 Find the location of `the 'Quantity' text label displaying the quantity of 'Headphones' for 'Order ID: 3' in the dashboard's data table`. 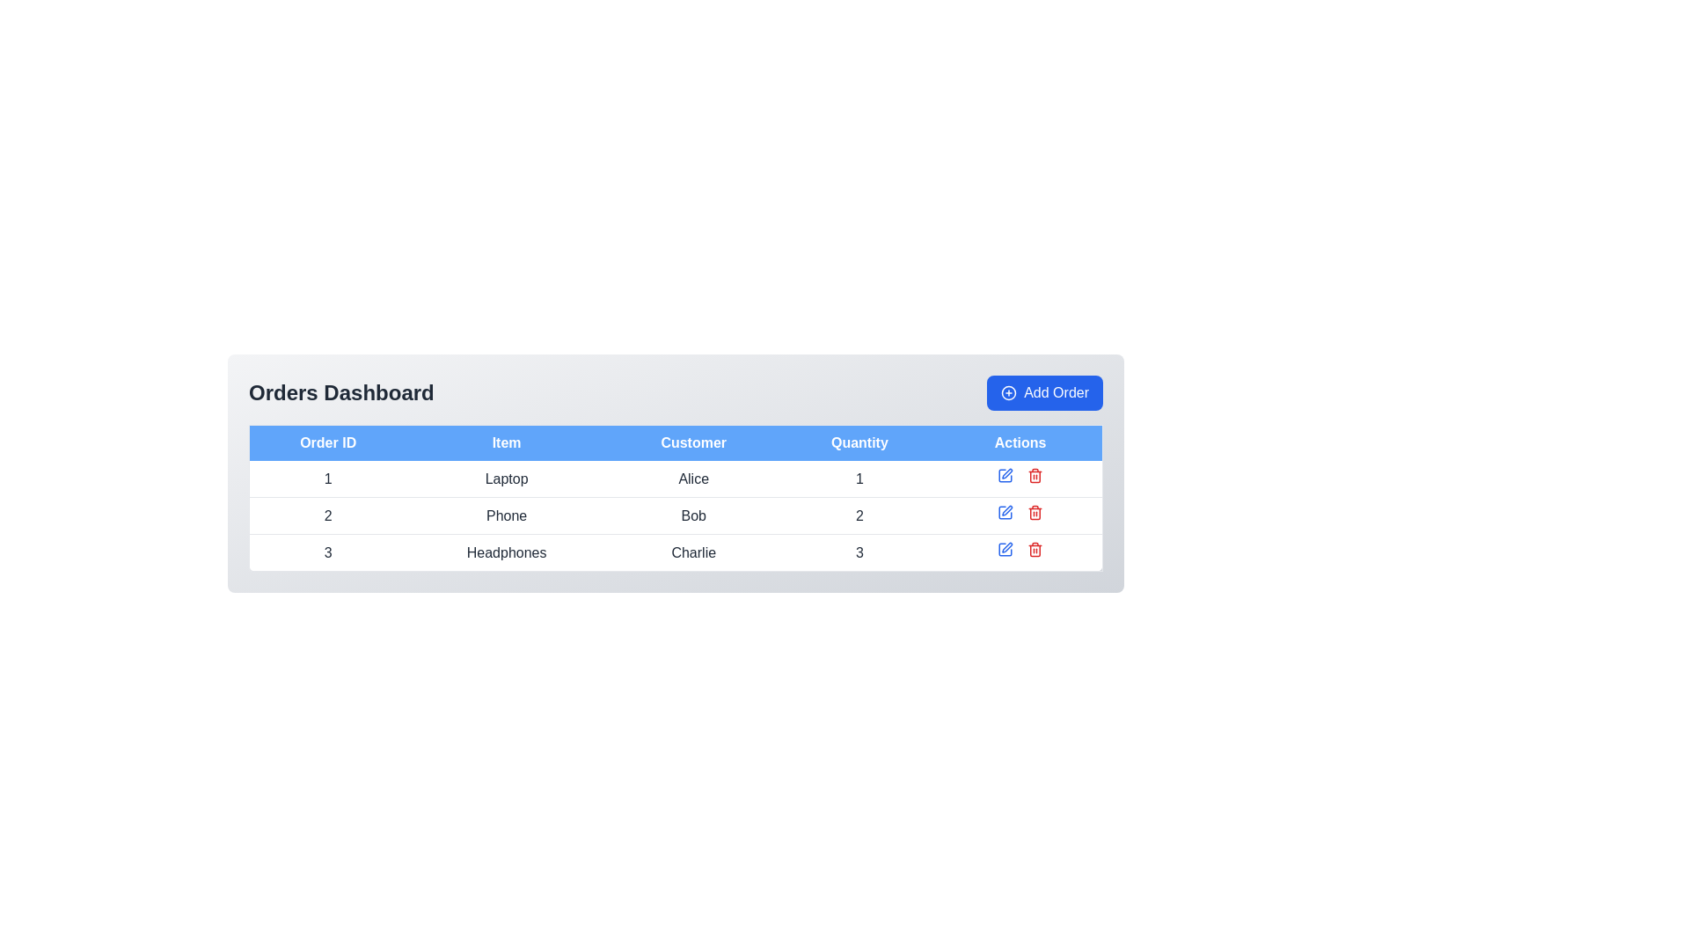

the 'Quantity' text label displaying the quantity of 'Headphones' for 'Order ID: 3' in the dashboard's data table is located at coordinates (859, 552).